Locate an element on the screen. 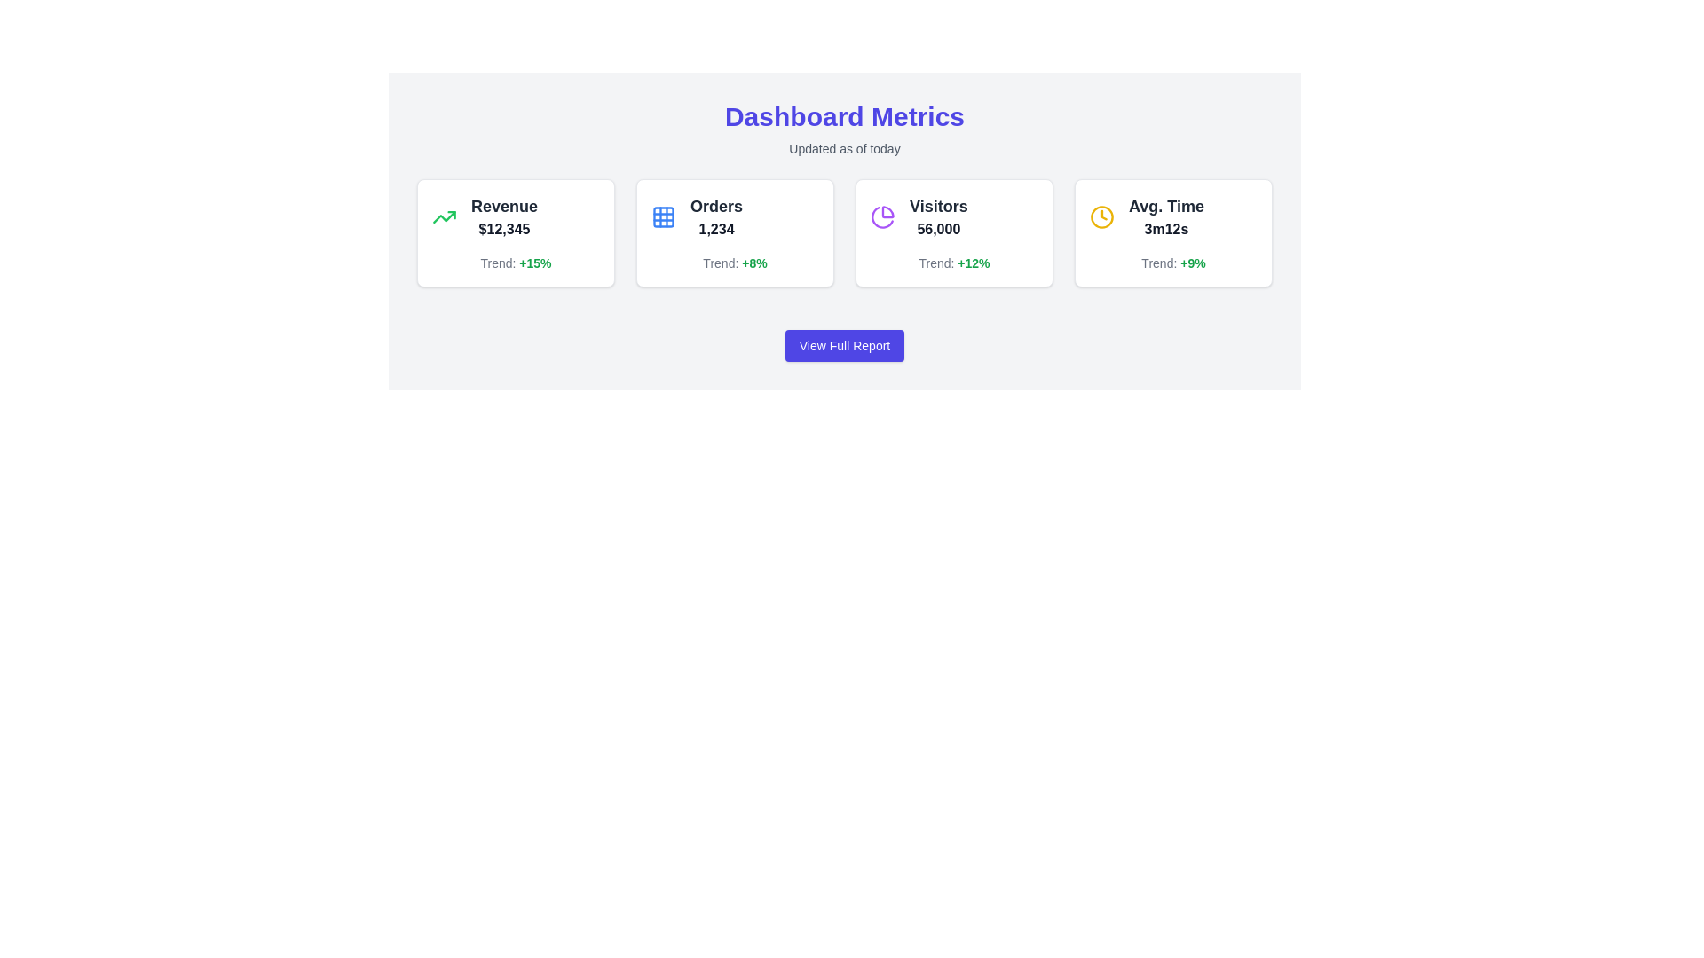 The height and width of the screenshot is (958, 1704). the 'Orders' text display element, which shows the label 'Orders' in bold and the value '1,234' in a smaller bold font, located in the second card of a dashboard layout is located at coordinates (716, 216).